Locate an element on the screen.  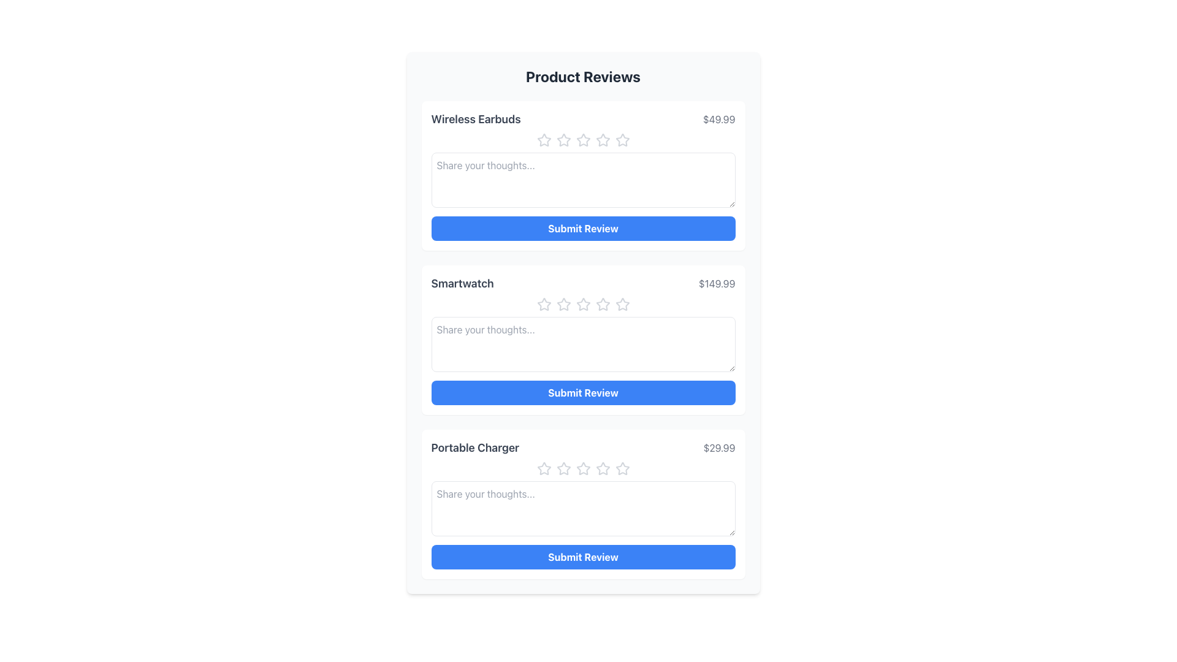
the first star icon in the 5-star rating system to rate the 'Wireless Earbuds' product as one star is located at coordinates (543, 139).